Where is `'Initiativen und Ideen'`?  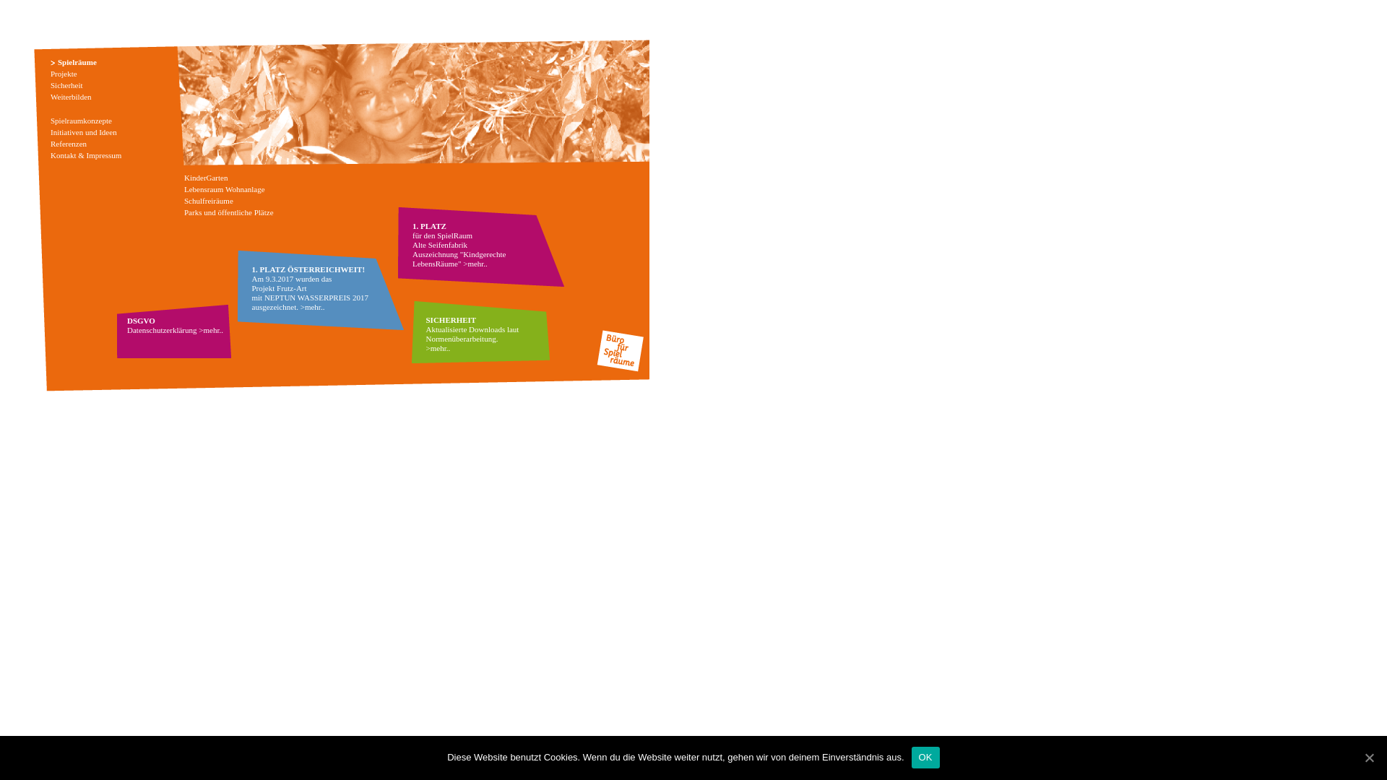 'Initiativen und Ideen' is located at coordinates (82, 131).